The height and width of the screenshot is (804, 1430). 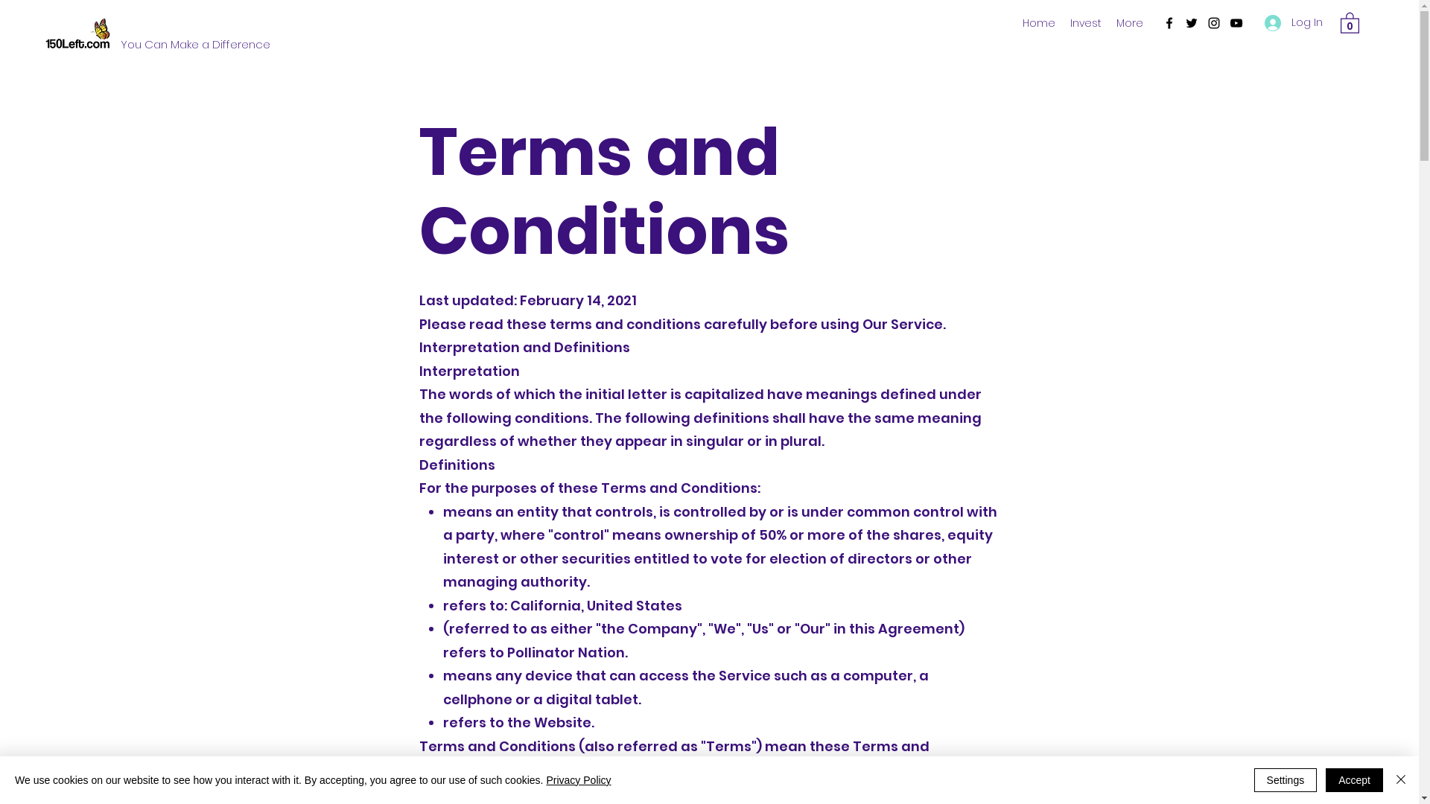 What do you see at coordinates (1086, 22) in the screenshot?
I see `'Invest'` at bounding box center [1086, 22].